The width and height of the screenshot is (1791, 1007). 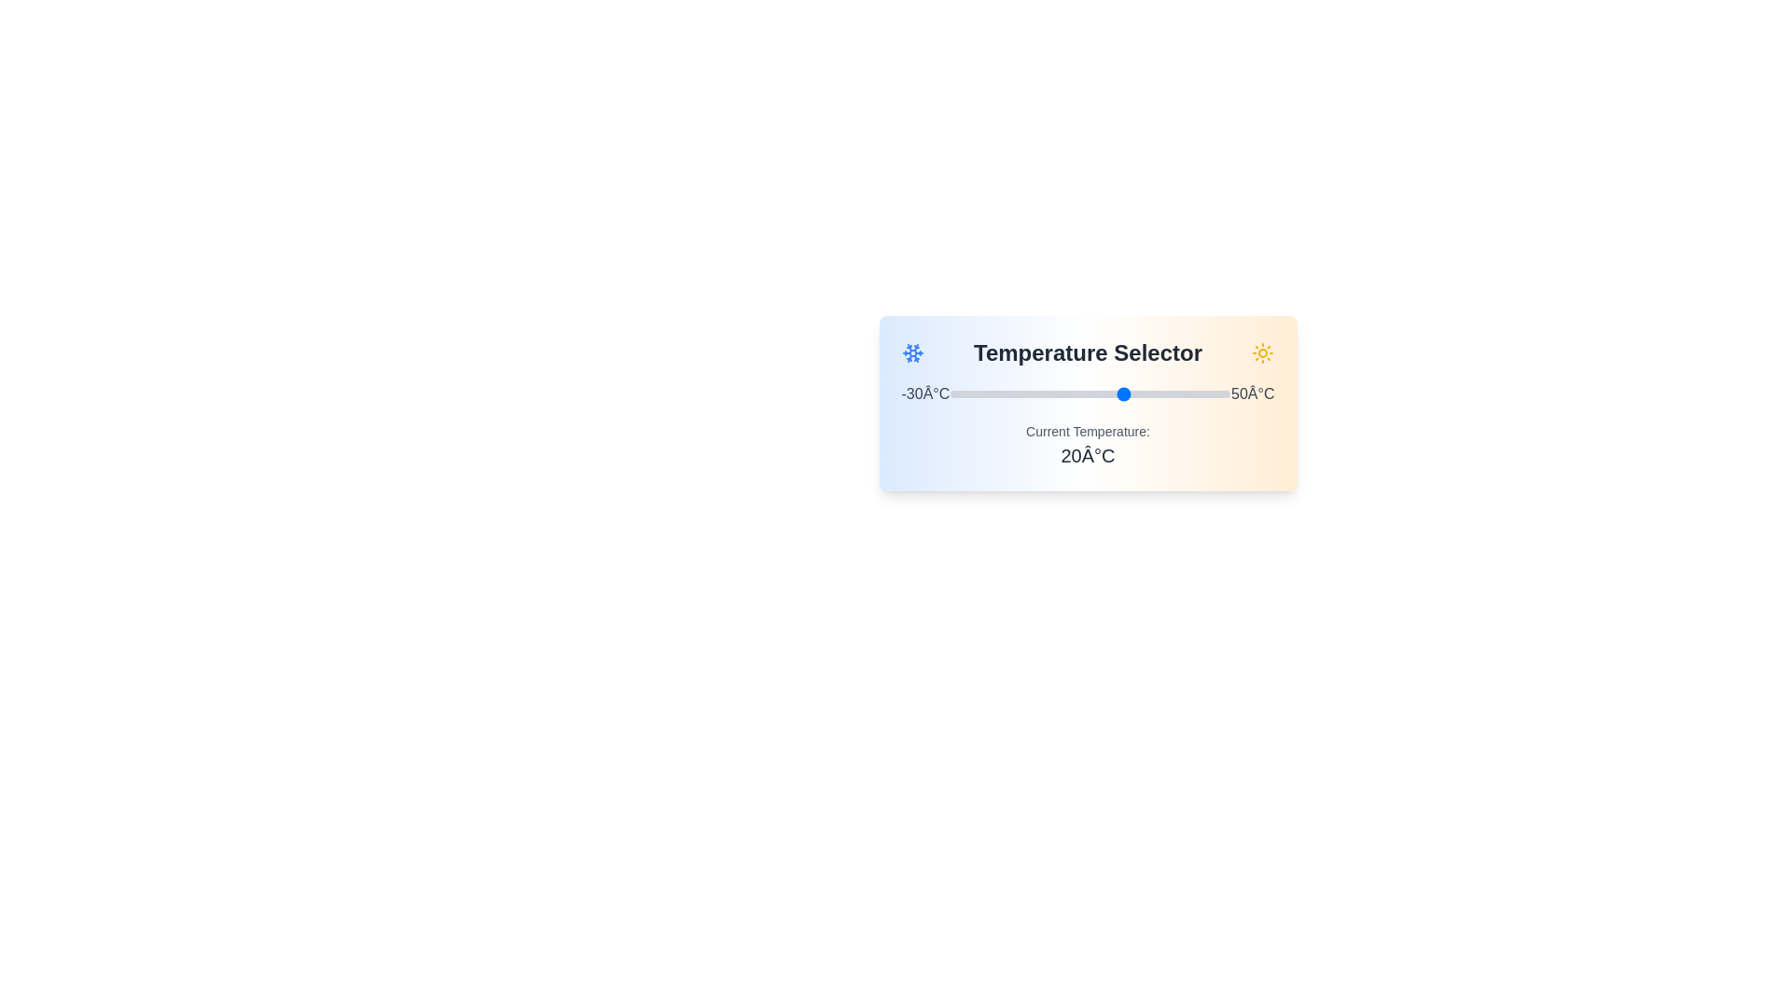 What do you see at coordinates (1115, 393) in the screenshot?
I see `the temperature` at bounding box center [1115, 393].